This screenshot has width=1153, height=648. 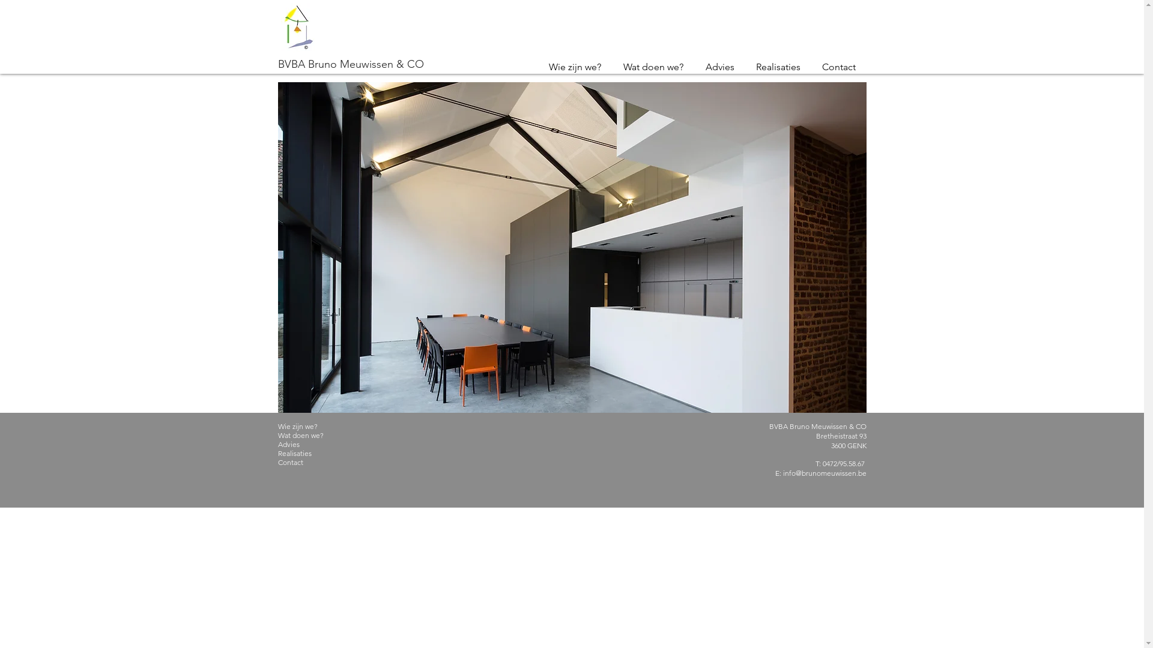 I want to click on 'Realisaties', so click(x=317, y=453).